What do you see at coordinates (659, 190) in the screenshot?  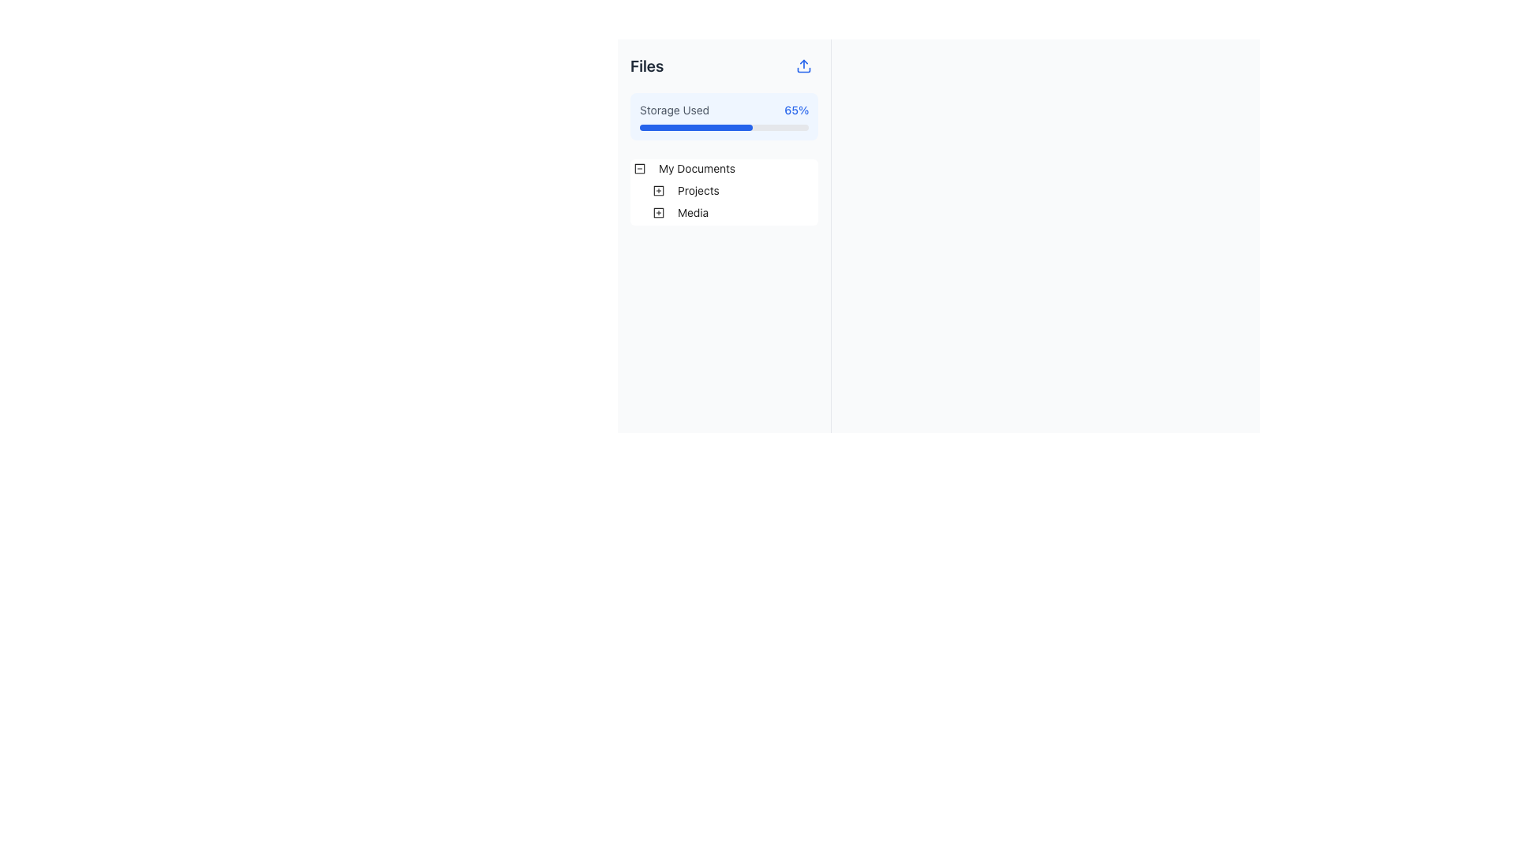 I see `the interactive expander icon, which is a small square icon styled as a plus symbol located` at bounding box center [659, 190].